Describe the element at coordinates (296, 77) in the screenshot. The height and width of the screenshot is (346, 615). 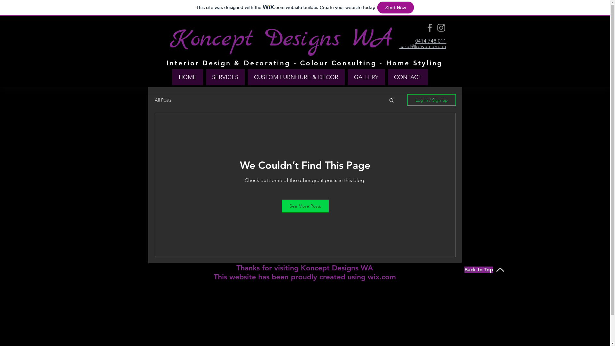
I see `'CUSTOM FURNITURE & DECOR'` at that location.